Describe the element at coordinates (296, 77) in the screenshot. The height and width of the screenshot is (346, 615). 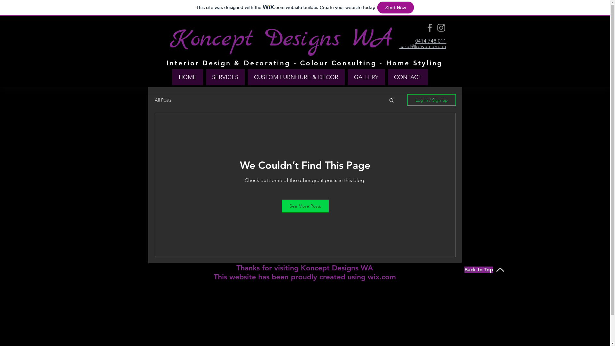
I see `'CUSTOM FURNITURE & DECOR'` at that location.